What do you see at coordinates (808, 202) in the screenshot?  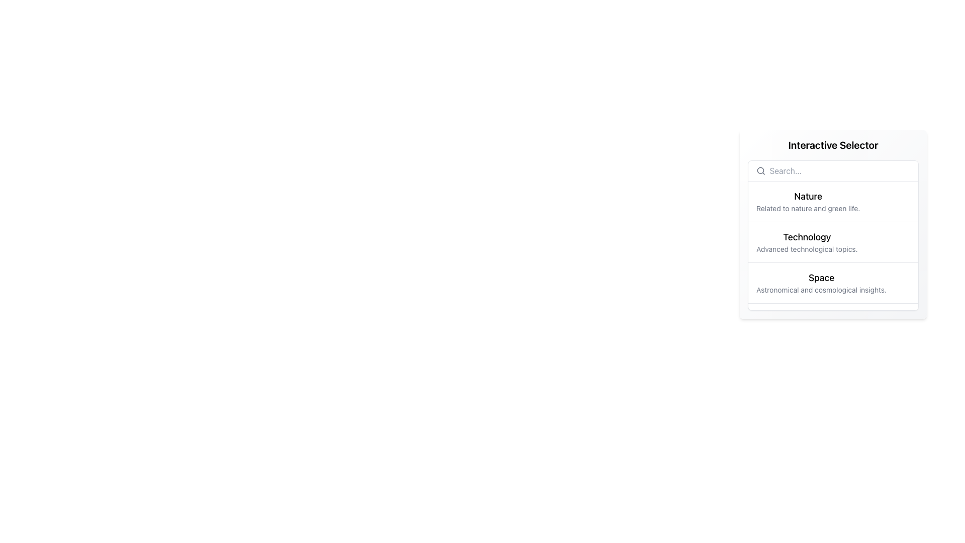 I see `the first list item labeled 'Nature' in the sidebar under the 'Interactive Selector' search bar` at bounding box center [808, 202].